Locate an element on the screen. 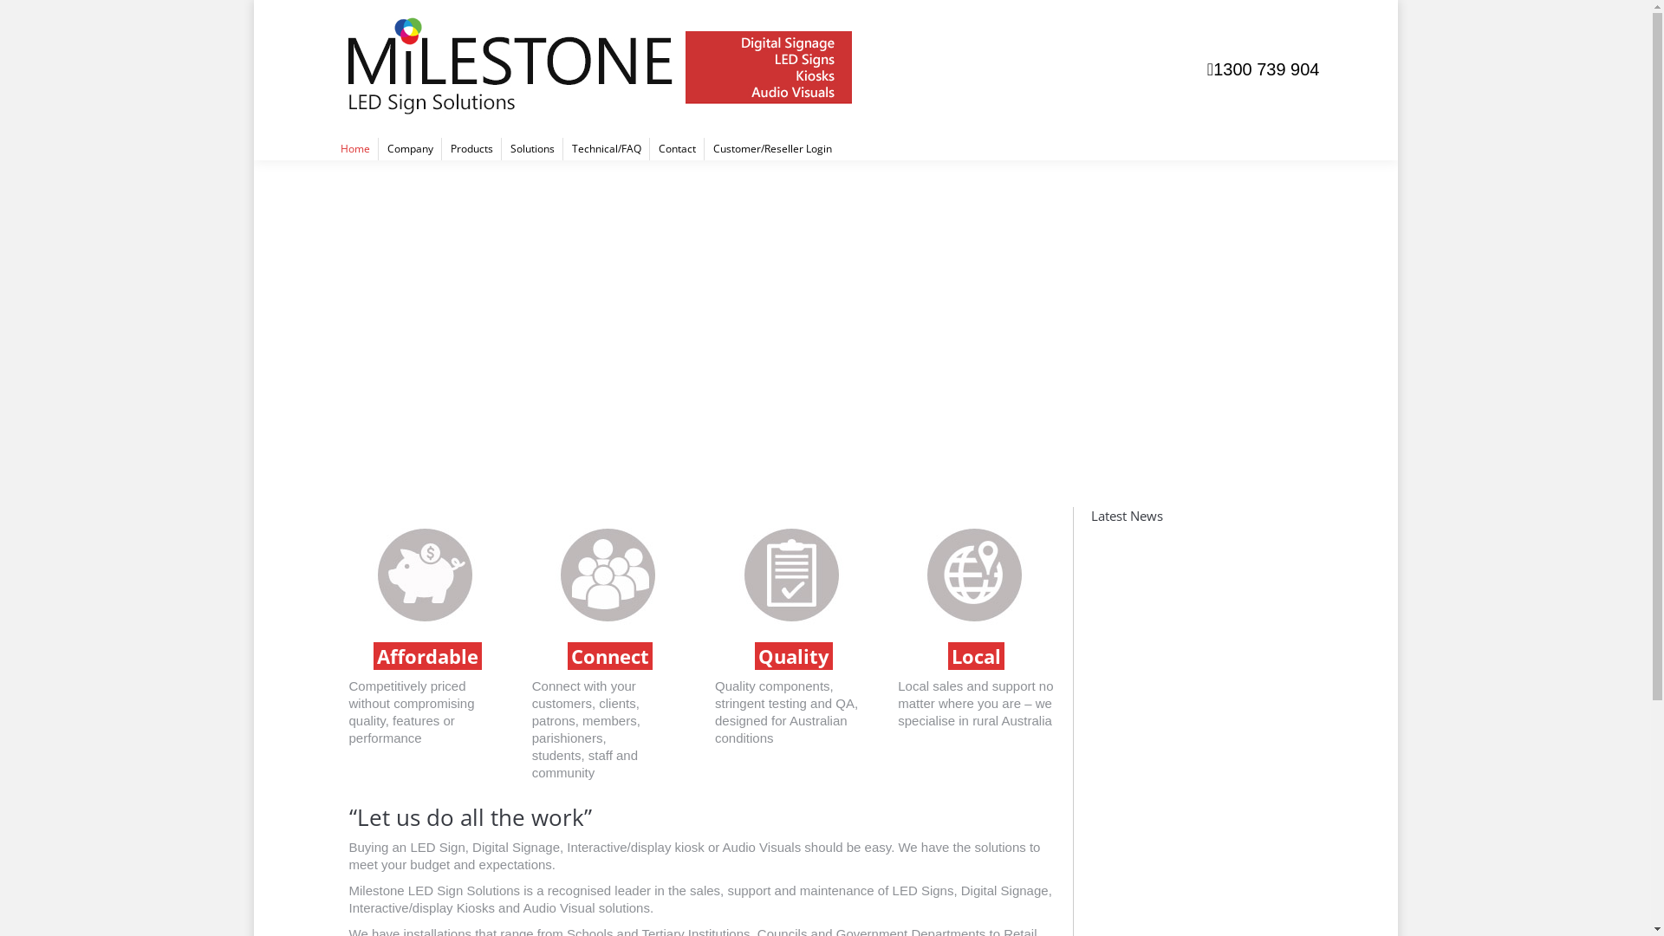  'Solutions' is located at coordinates (530, 148).